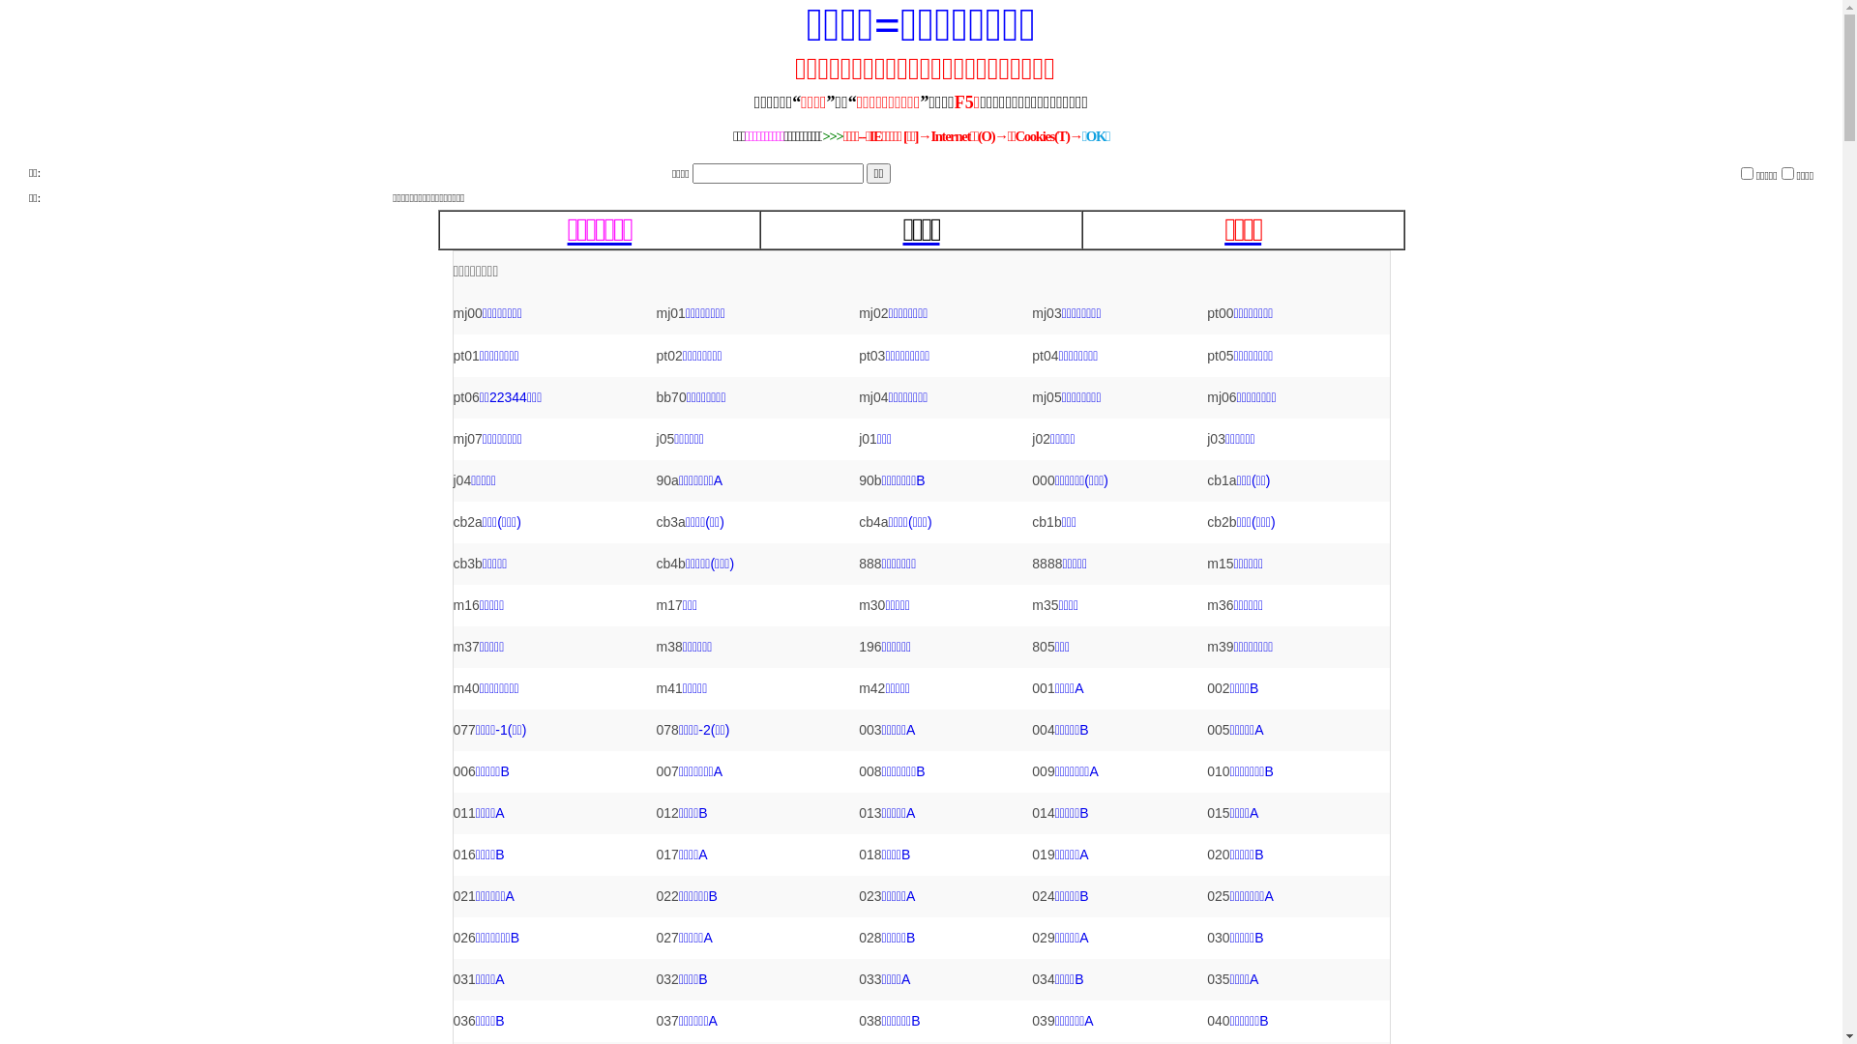 The width and height of the screenshot is (1857, 1044). Describe the element at coordinates (656, 853) in the screenshot. I see `'017'` at that location.